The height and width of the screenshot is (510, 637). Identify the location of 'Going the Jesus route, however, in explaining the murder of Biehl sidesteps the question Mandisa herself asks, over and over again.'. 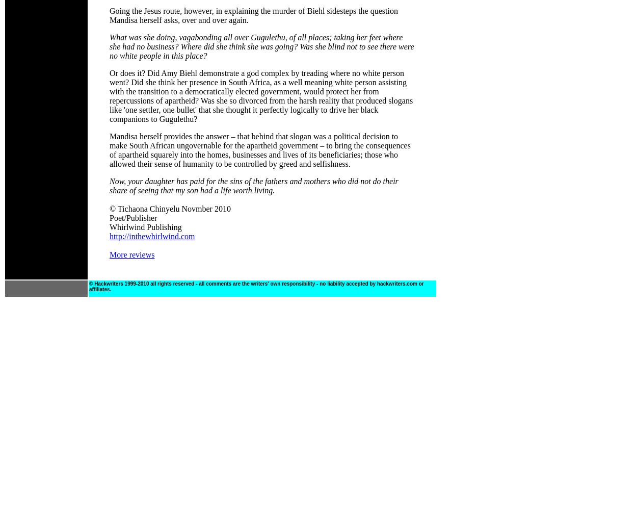
(253, 15).